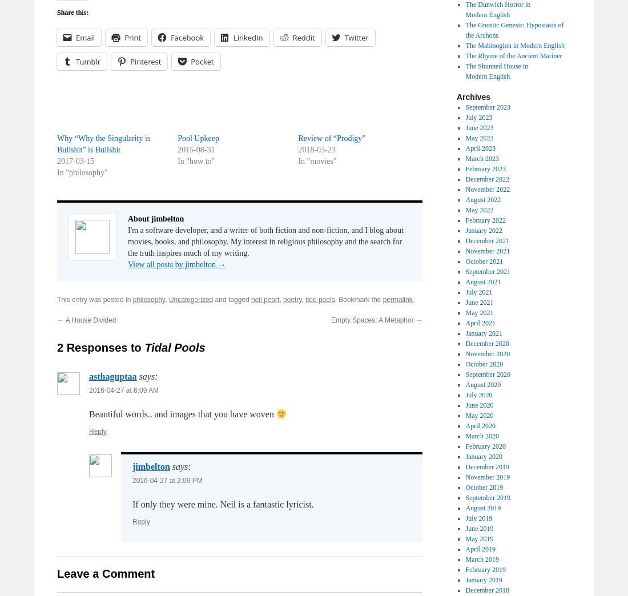 This screenshot has width=628, height=596. What do you see at coordinates (465, 220) in the screenshot?
I see `'February 2022'` at bounding box center [465, 220].